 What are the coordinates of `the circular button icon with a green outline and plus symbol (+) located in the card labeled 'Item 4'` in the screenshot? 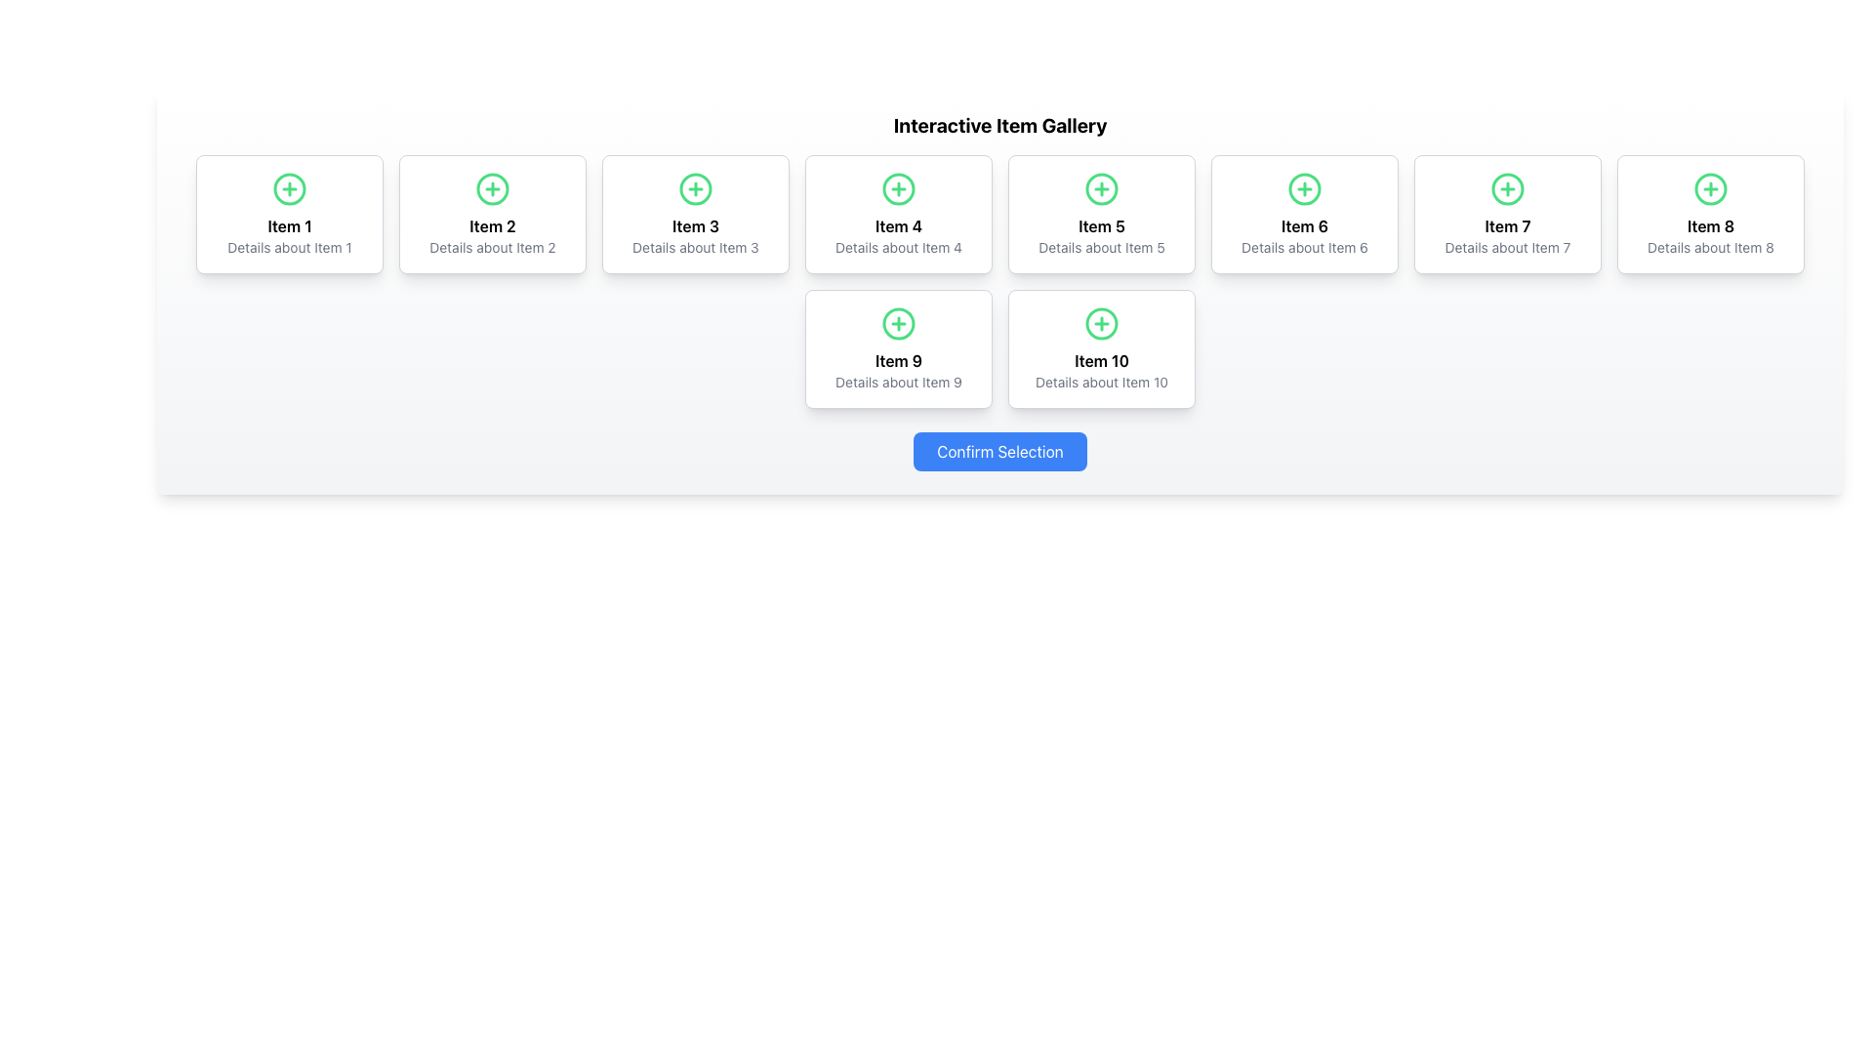 It's located at (898, 188).